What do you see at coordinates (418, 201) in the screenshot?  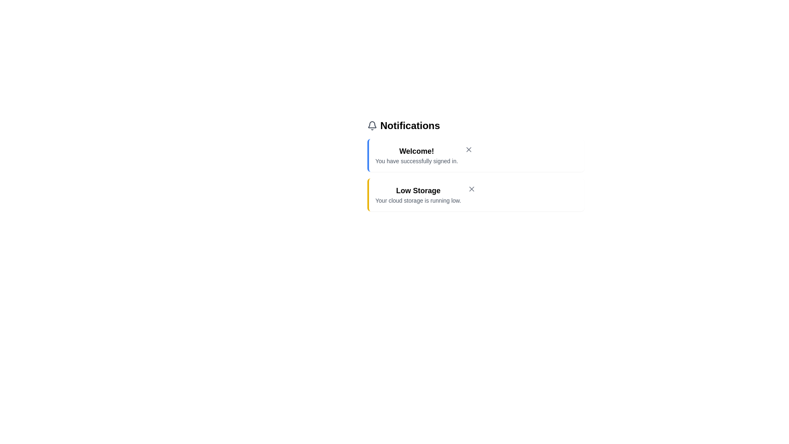 I see `the Text Label that informs the user about their cloud storage status, located under the 'Low Storage' header in the notification card` at bounding box center [418, 201].